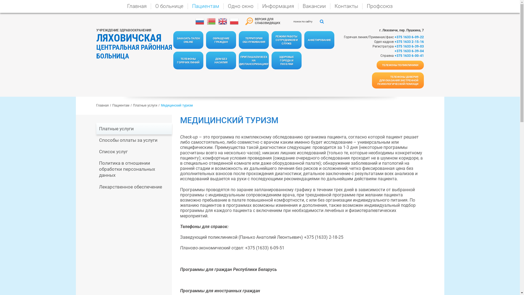  Describe the element at coordinates (223, 21) in the screenshot. I see `'English'` at that location.